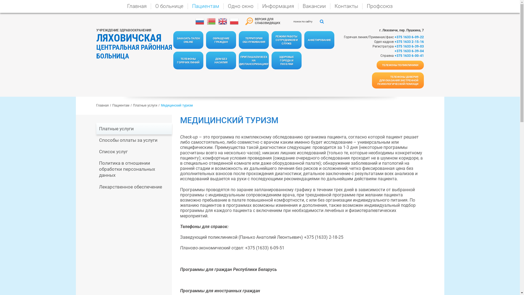  Describe the element at coordinates (223, 21) in the screenshot. I see `'English'` at that location.